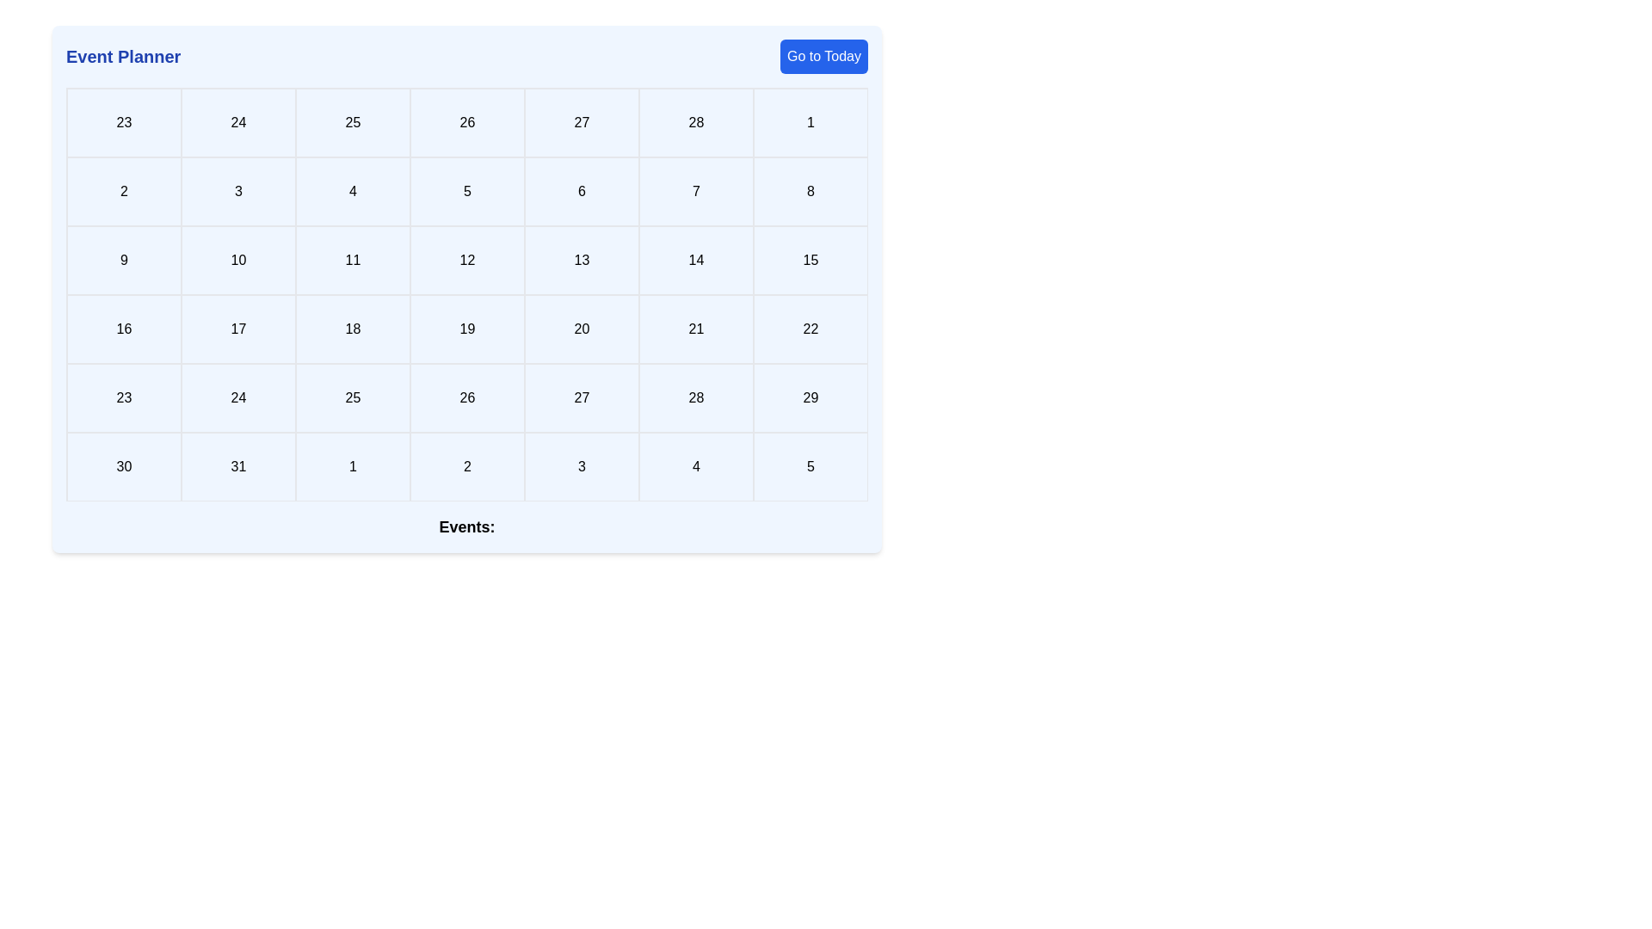  I want to click on the interactive grid cell with a light blue background containing the number '3' centered in black text, located in the last row of the grid, so click(582, 467).